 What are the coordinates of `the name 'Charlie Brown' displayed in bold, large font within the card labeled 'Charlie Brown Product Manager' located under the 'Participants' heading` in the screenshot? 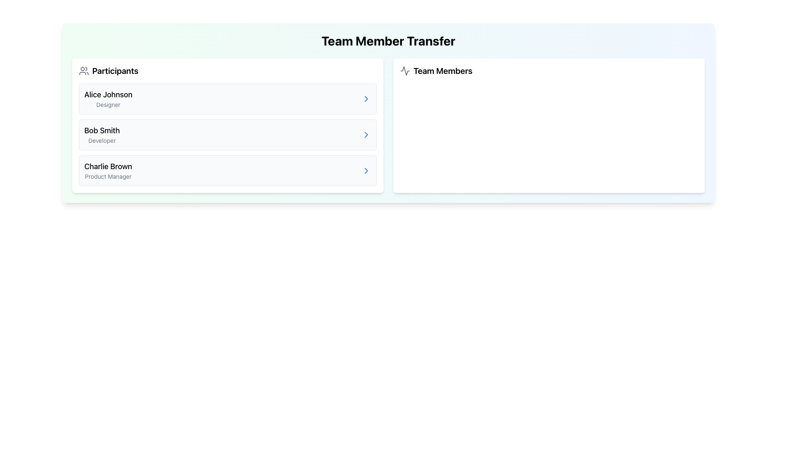 It's located at (108, 166).